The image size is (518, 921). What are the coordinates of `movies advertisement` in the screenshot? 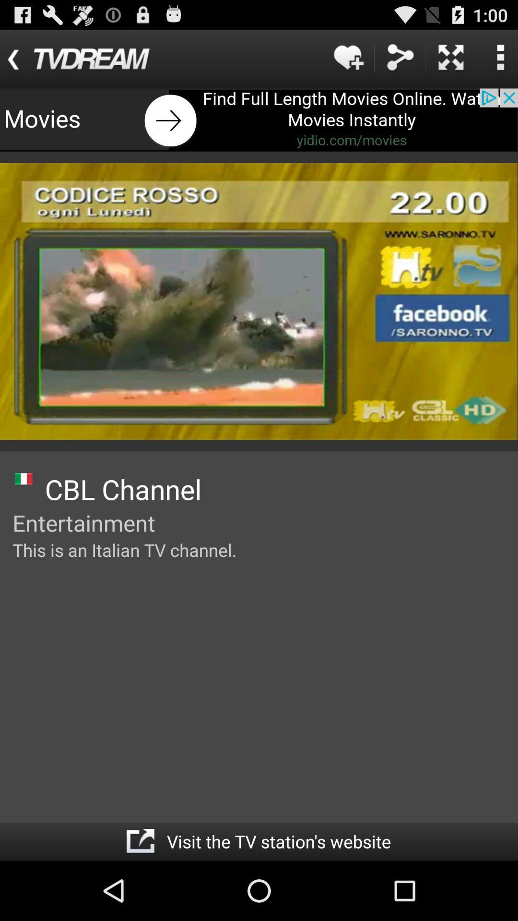 It's located at (259, 119).